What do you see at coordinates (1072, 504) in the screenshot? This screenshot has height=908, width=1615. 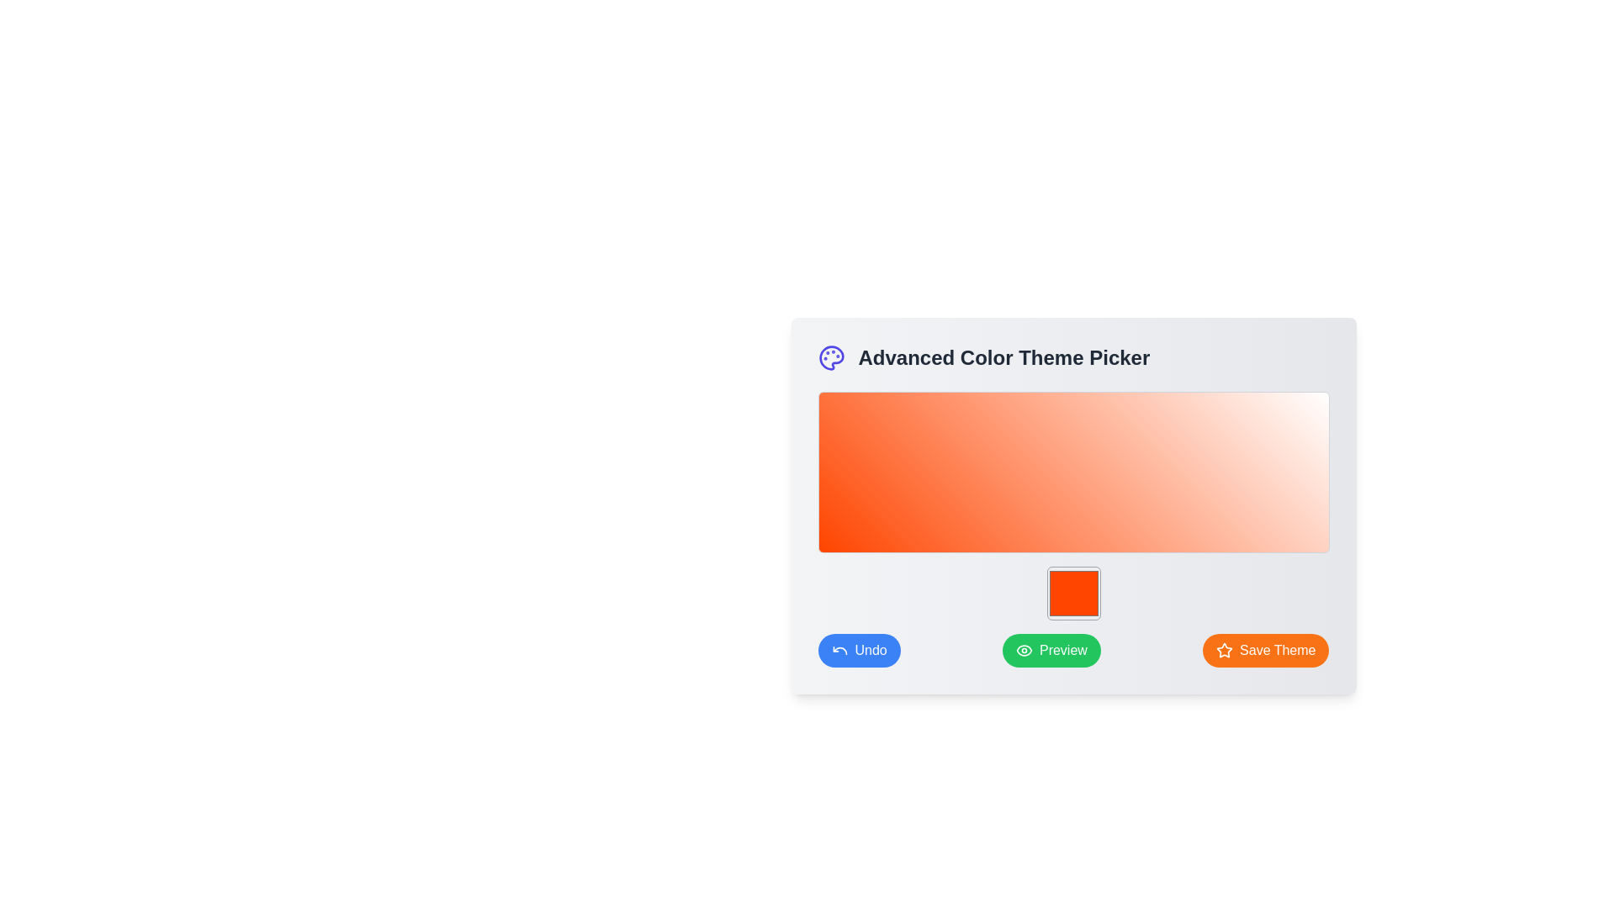 I see `the Gradient Preview Panel, which features a vibrant red to white gradient background` at bounding box center [1072, 504].